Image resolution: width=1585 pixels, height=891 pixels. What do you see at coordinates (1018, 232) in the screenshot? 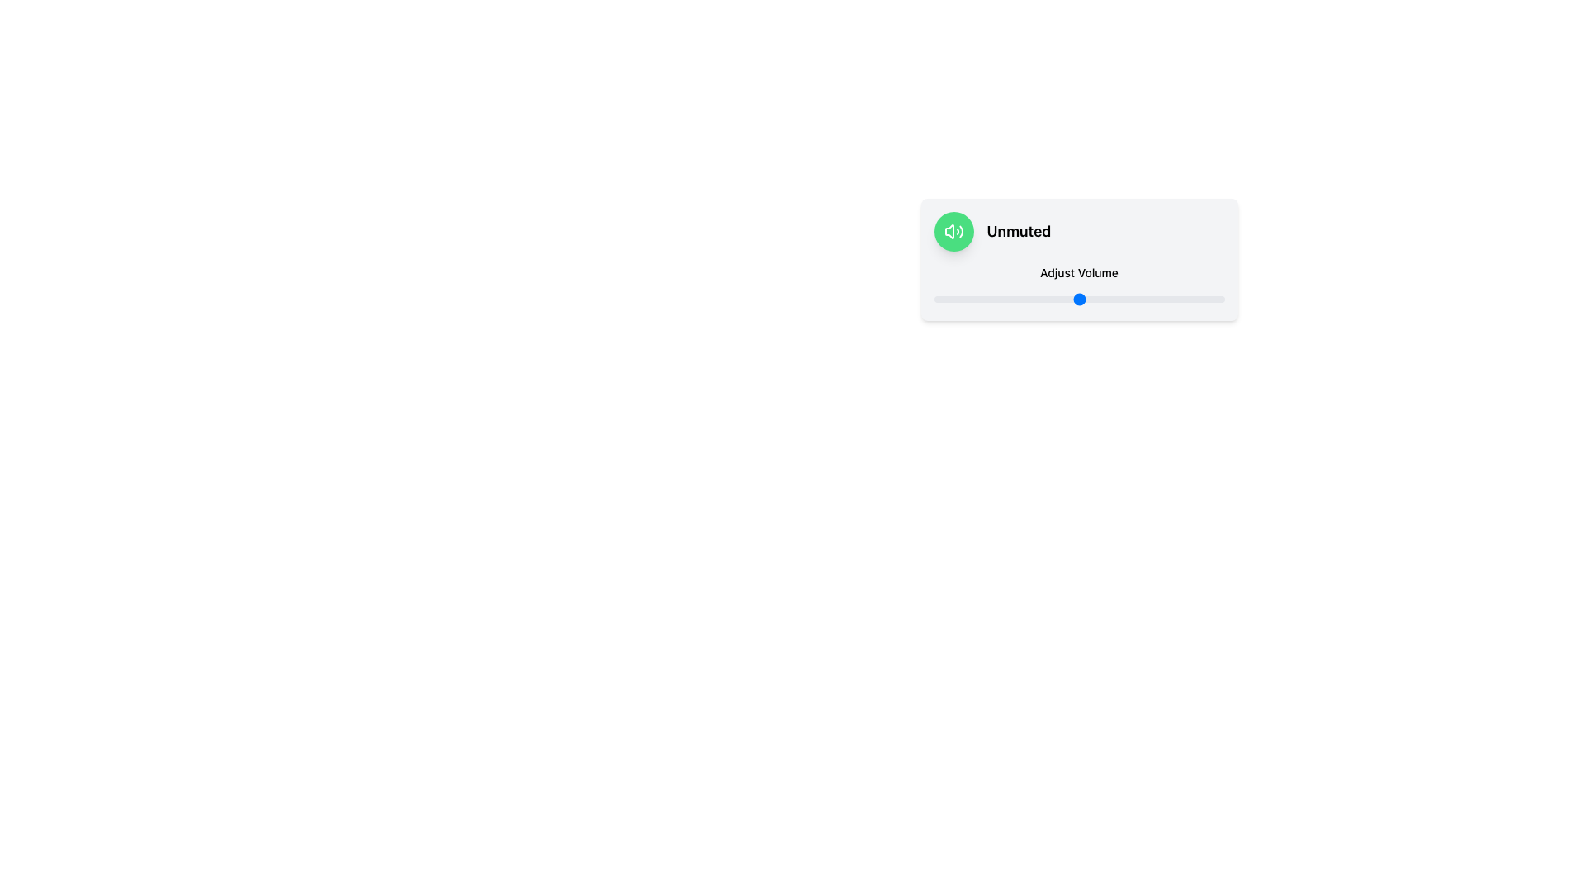
I see `the 'Unmuted' text label element` at bounding box center [1018, 232].